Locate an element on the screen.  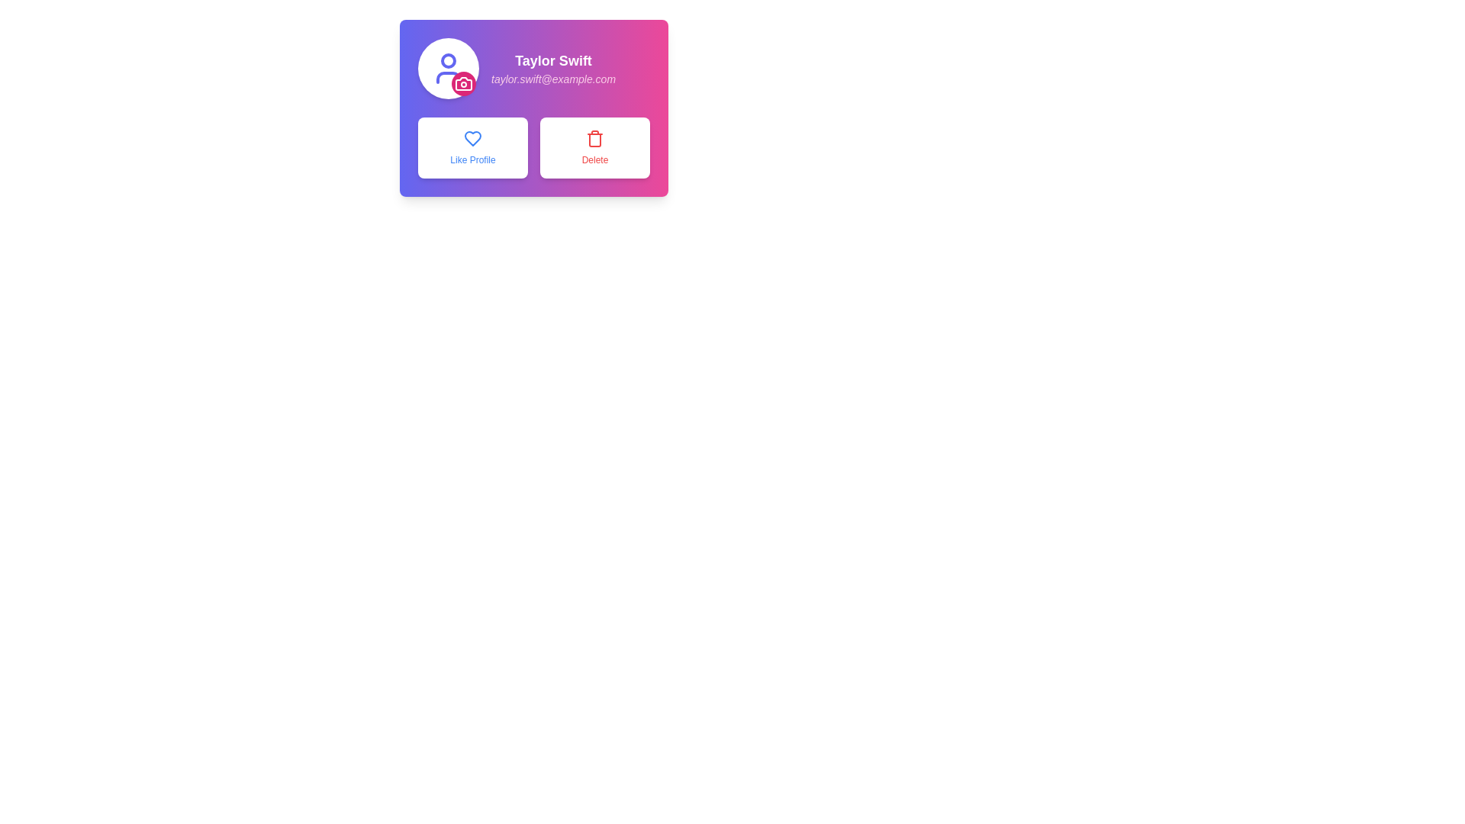
the title text label that identifies the user or subject of the card, which is positioned at the top of the card layout is located at coordinates (552, 60).